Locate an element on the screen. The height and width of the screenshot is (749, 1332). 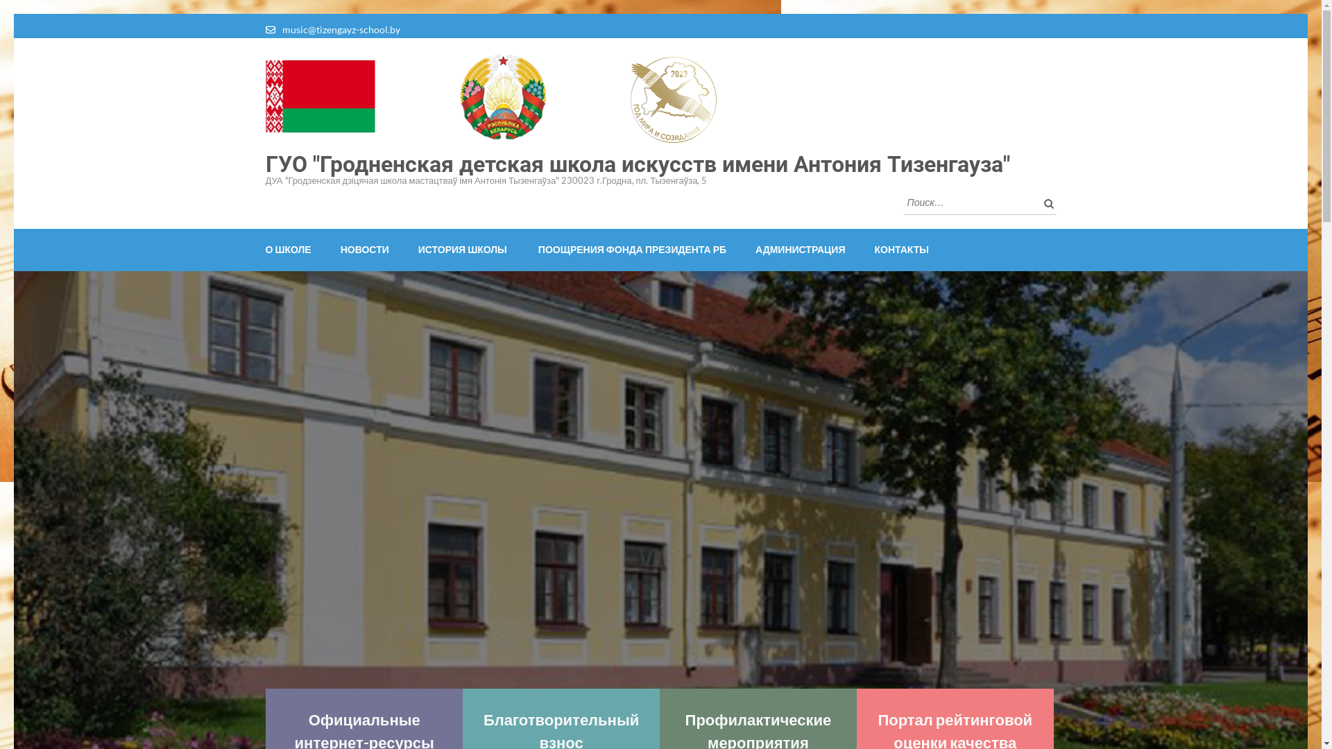
'music@tizengayz-school.by' is located at coordinates (281, 29).